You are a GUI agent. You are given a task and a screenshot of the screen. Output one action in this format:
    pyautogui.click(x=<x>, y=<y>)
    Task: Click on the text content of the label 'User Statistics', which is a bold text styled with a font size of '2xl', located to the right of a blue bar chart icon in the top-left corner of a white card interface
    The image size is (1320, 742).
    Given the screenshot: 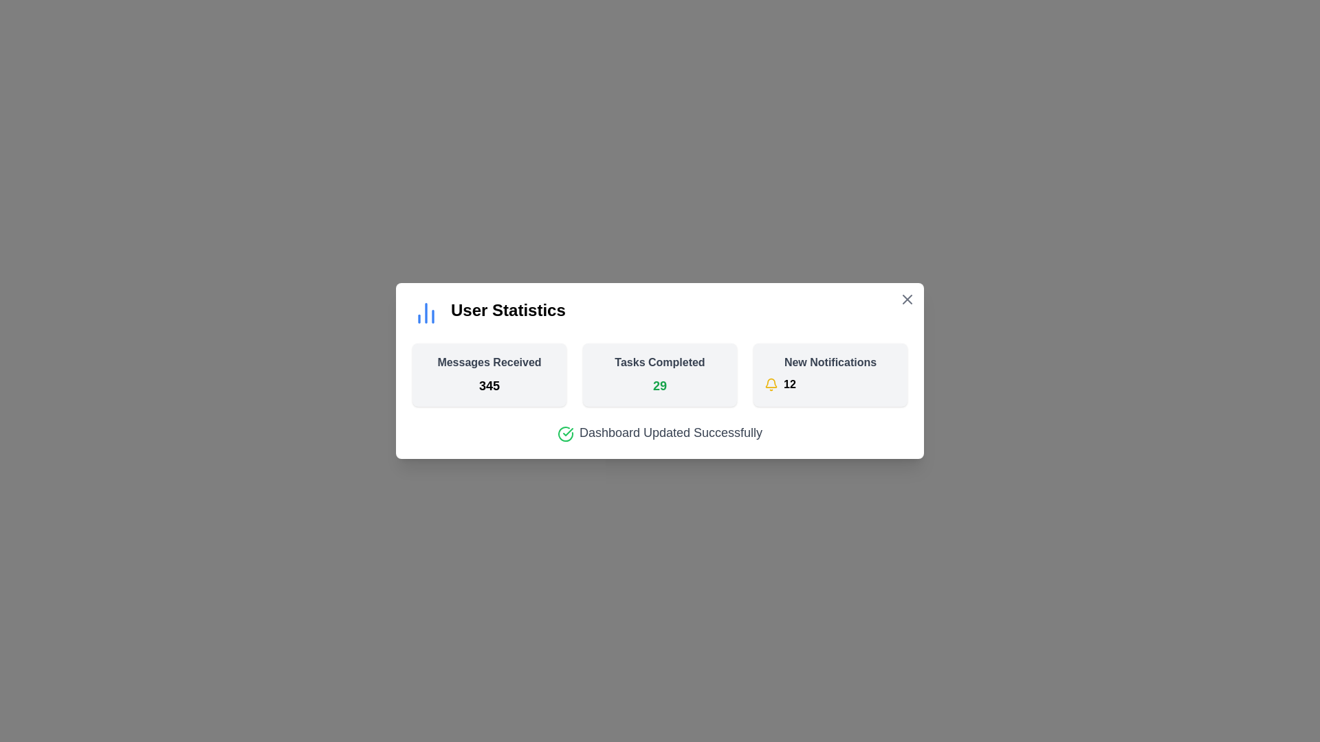 What is the action you would take?
    pyautogui.click(x=507, y=313)
    